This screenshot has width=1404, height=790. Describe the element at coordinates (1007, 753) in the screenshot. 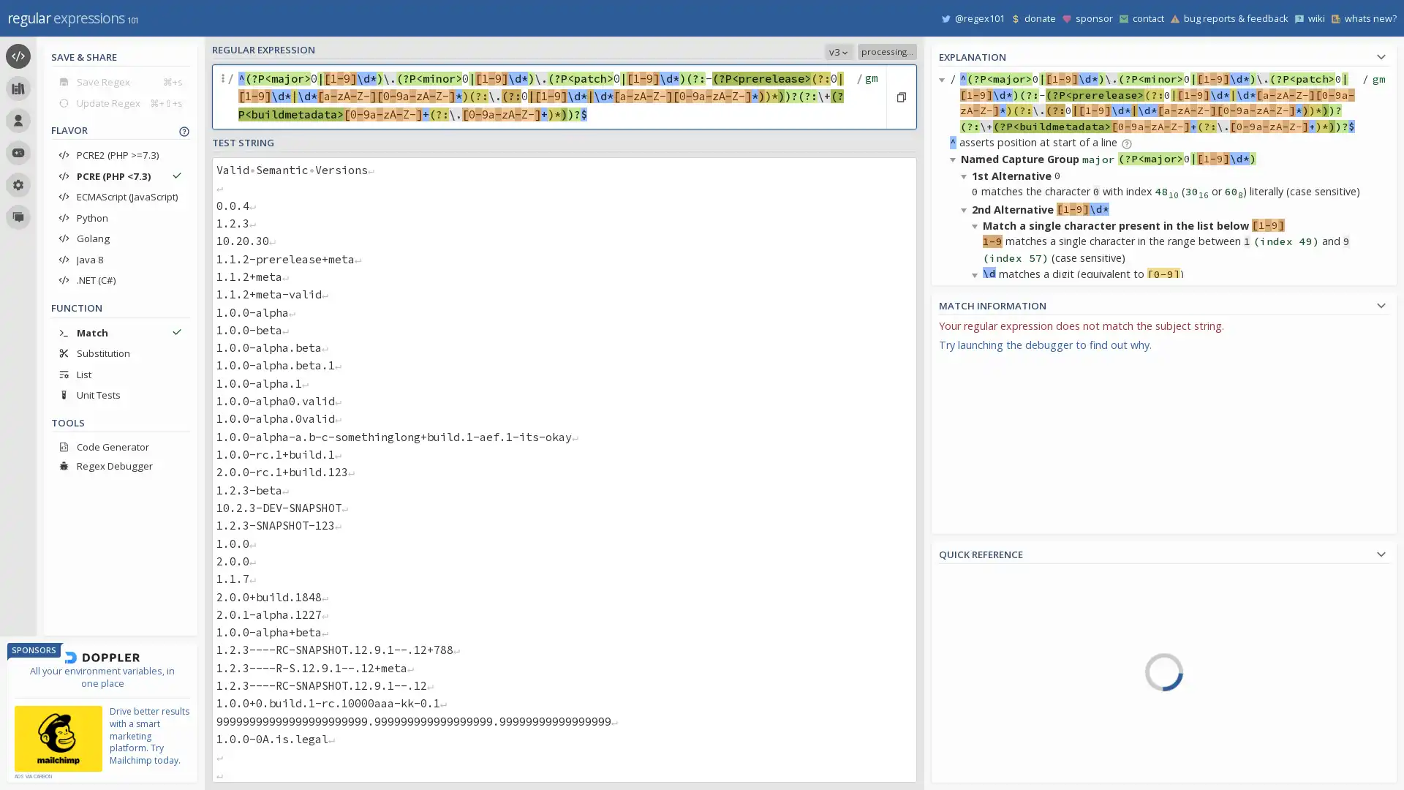

I see `Character Classes` at that location.